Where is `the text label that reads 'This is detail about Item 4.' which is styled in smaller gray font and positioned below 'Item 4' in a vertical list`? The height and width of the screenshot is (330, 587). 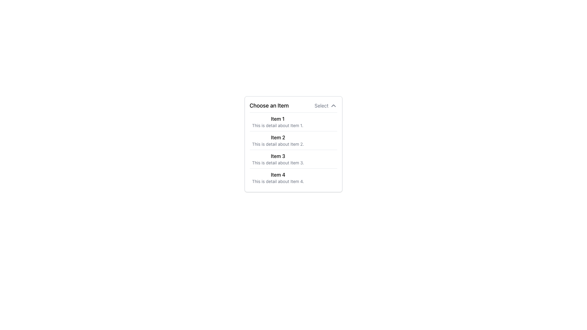 the text label that reads 'This is detail about Item 4.' which is styled in smaller gray font and positioned below 'Item 4' in a vertical list is located at coordinates (278, 181).